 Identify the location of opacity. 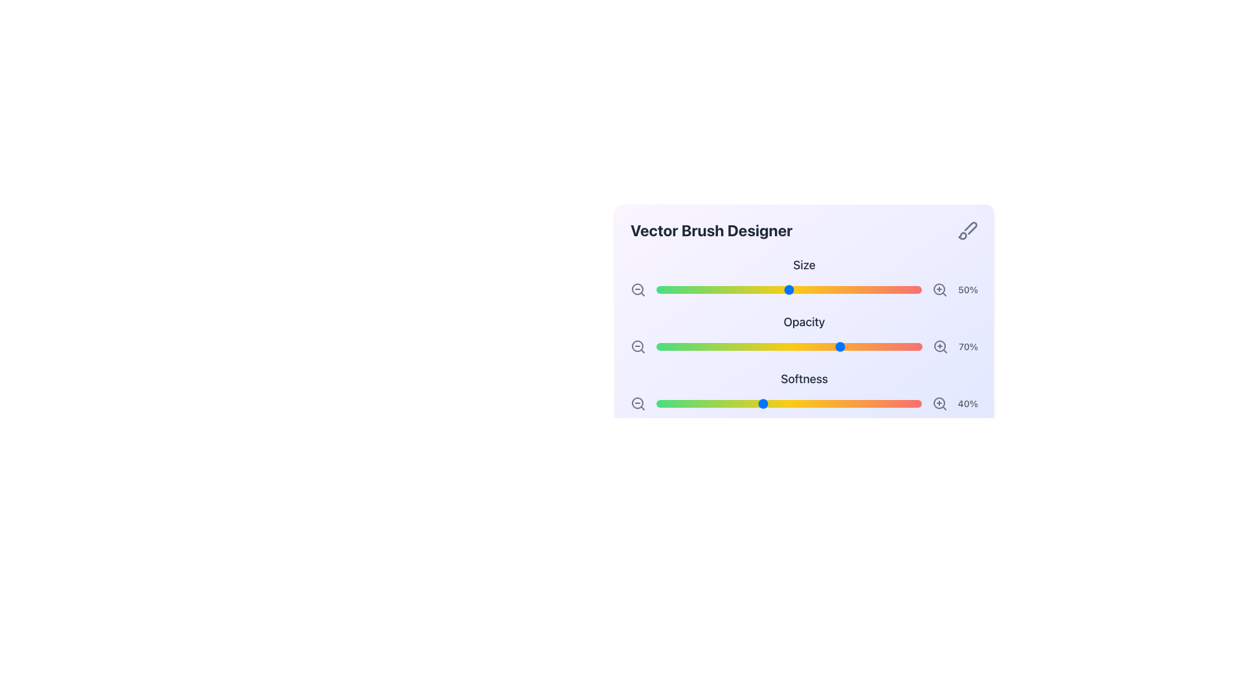
(776, 346).